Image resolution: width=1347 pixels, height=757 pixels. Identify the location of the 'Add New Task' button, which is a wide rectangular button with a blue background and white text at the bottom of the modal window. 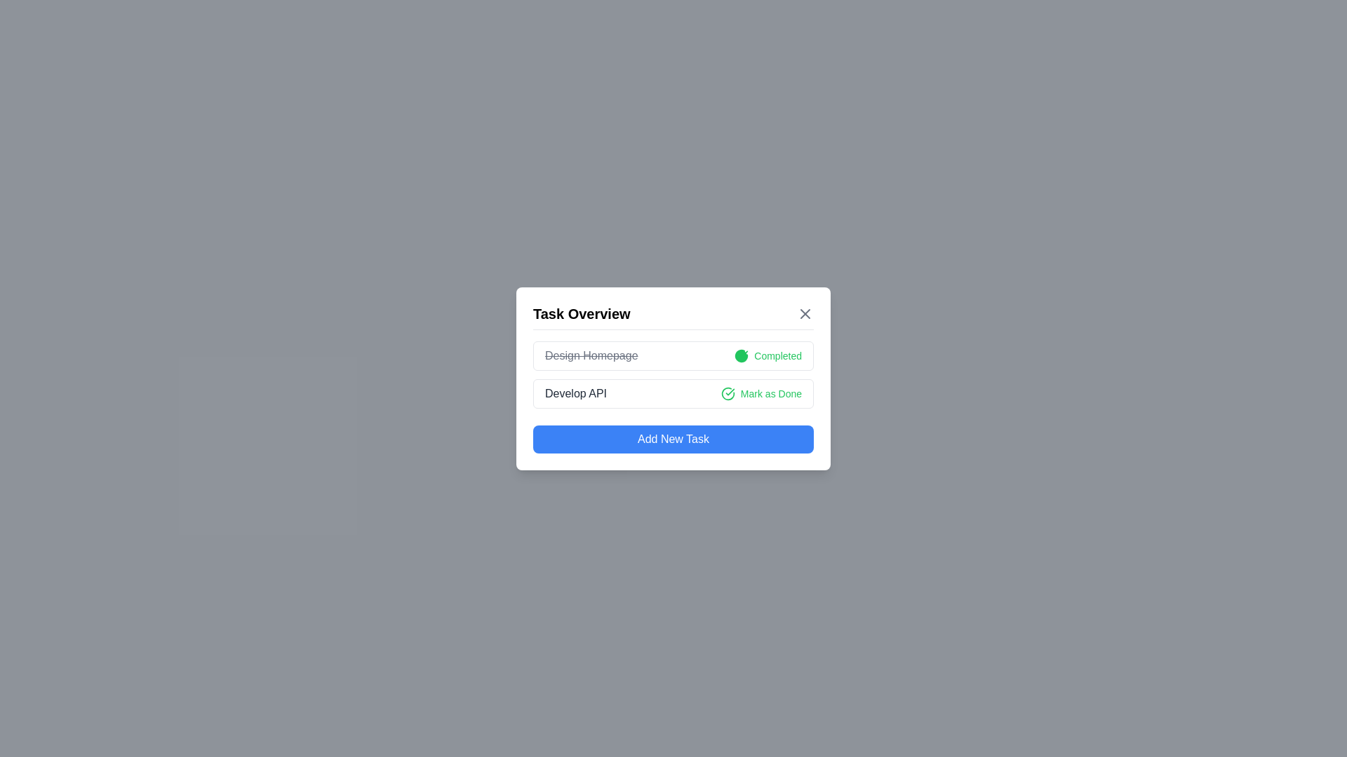
(673, 437).